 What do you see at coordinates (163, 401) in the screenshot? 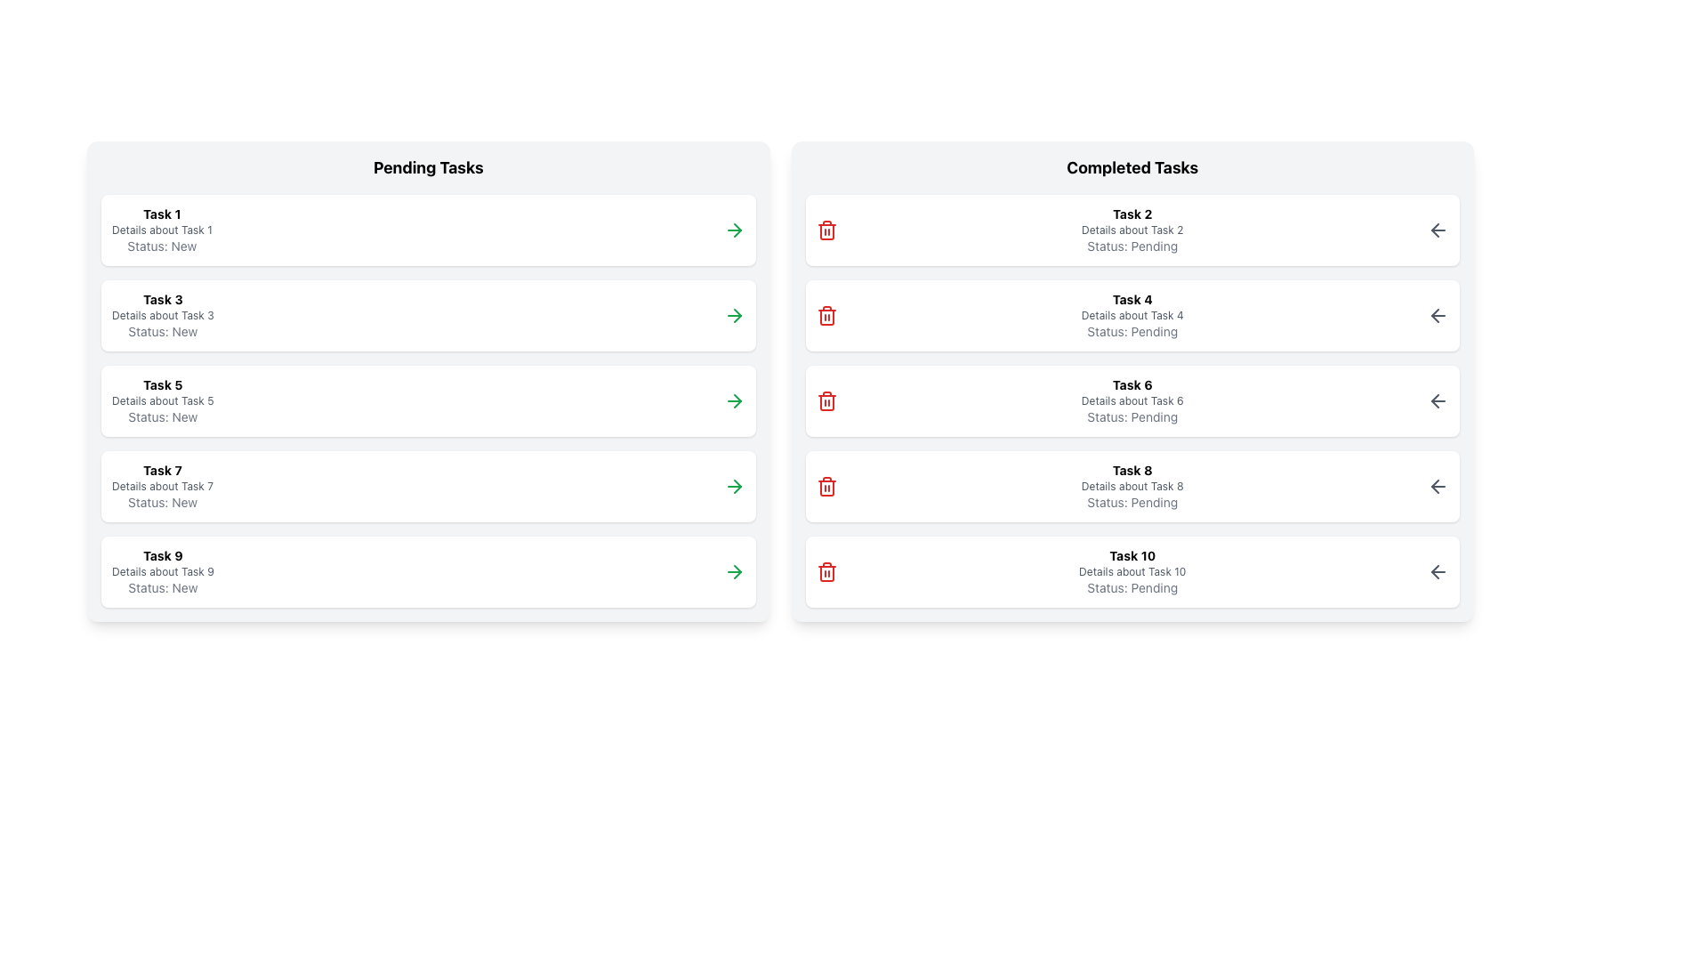
I see `text content of the text block titled 'Task 5', which includes 'Details about Task 5' and 'Status: New'` at bounding box center [163, 401].